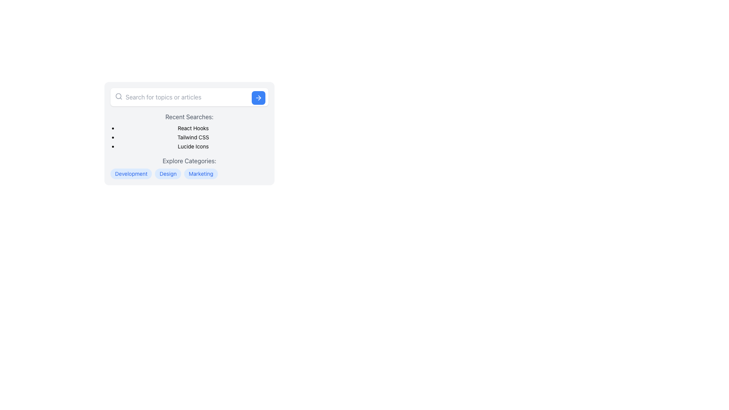 This screenshot has height=410, width=729. What do you see at coordinates (193, 128) in the screenshot?
I see `the first item in the bulleted list displaying a recent user search term, located below the 'Recent Searches' heading in the upper-middle section of the panel` at bounding box center [193, 128].